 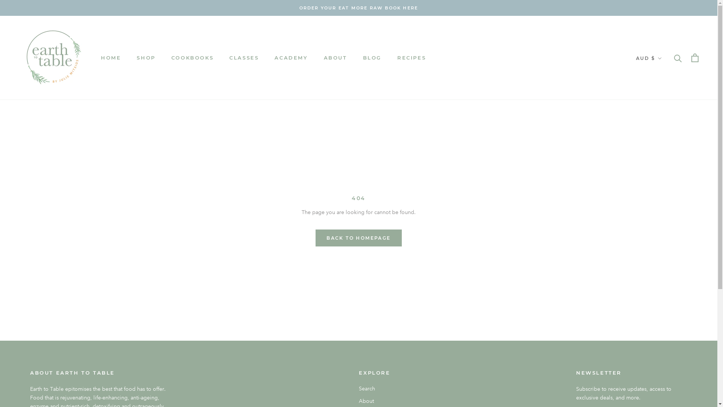 I want to click on 'COOKBOOKS', so click(x=192, y=57).